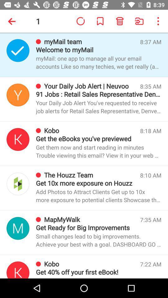 The image size is (168, 298). Describe the element at coordinates (18, 50) in the screenshot. I see `open sender profile open sender settings` at that location.